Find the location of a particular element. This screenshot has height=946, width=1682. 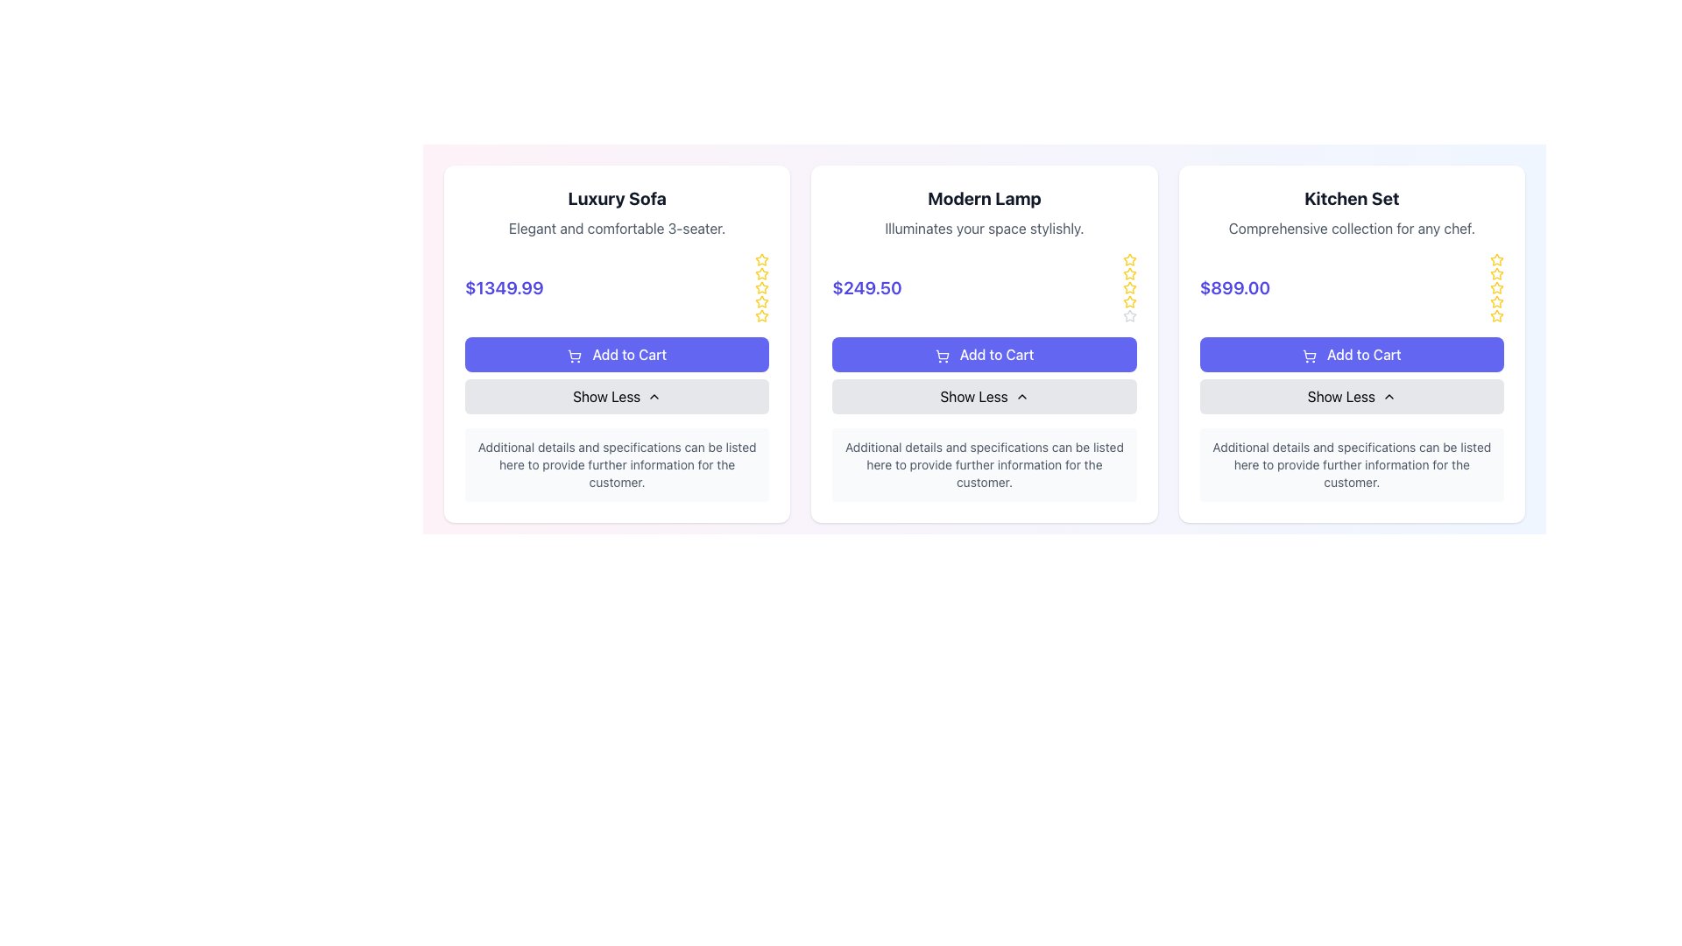

the yellow star icon, which is the second star in the star rating sequence for the 'Luxury Sofa' product is located at coordinates (762, 273).